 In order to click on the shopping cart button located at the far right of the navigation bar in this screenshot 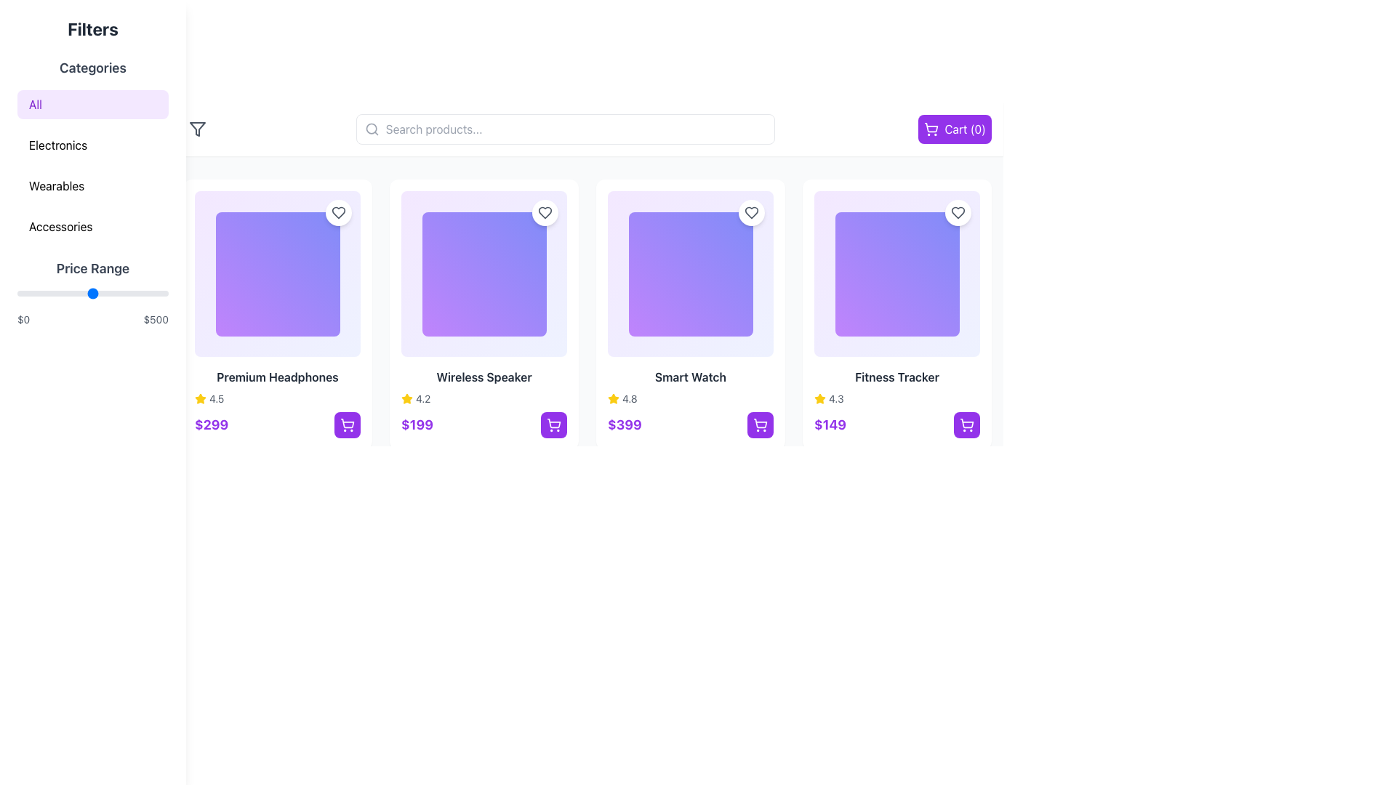, I will do `click(955, 128)`.